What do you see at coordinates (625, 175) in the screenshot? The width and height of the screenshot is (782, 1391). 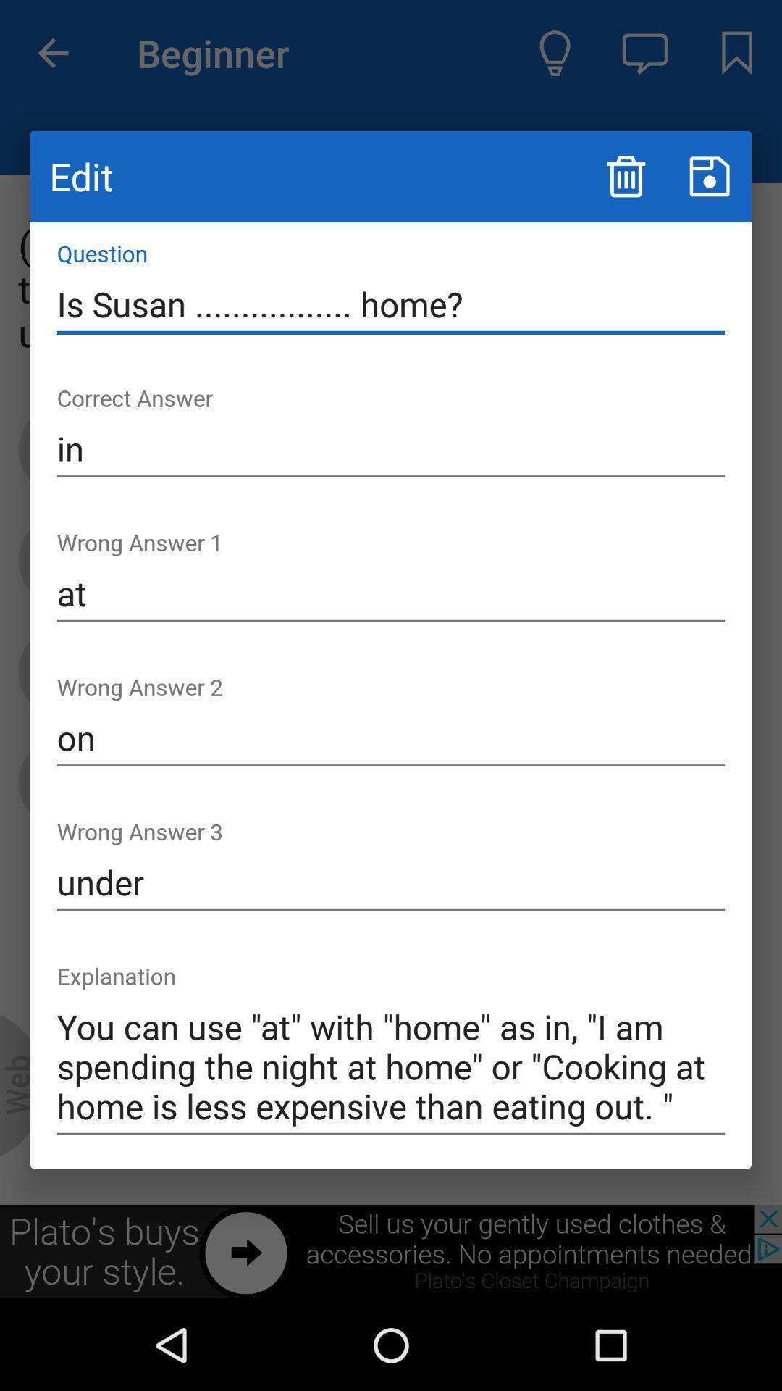 I see `trash` at bounding box center [625, 175].